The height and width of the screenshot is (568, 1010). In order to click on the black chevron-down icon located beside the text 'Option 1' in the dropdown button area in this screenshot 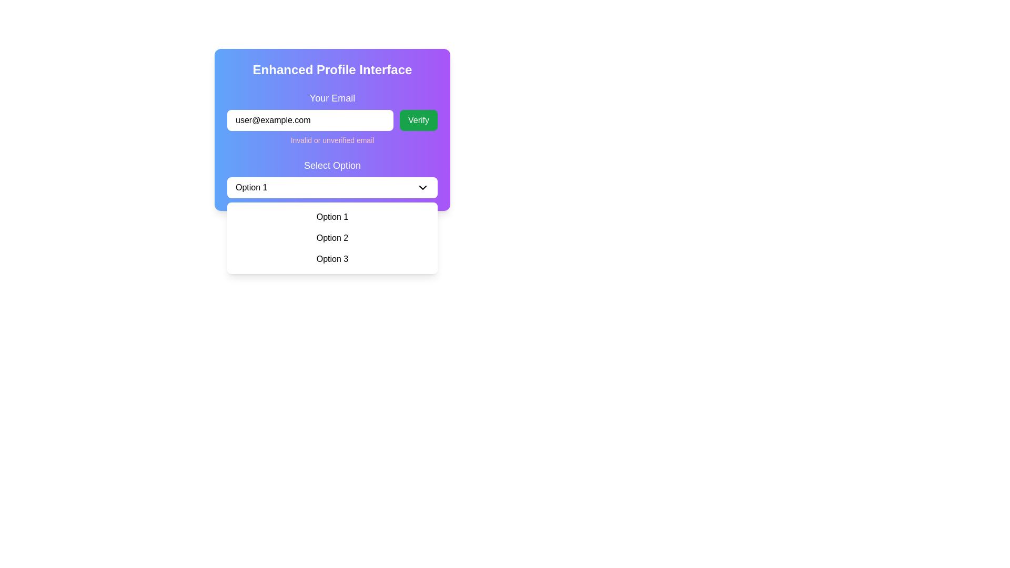, I will do `click(423, 187)`.